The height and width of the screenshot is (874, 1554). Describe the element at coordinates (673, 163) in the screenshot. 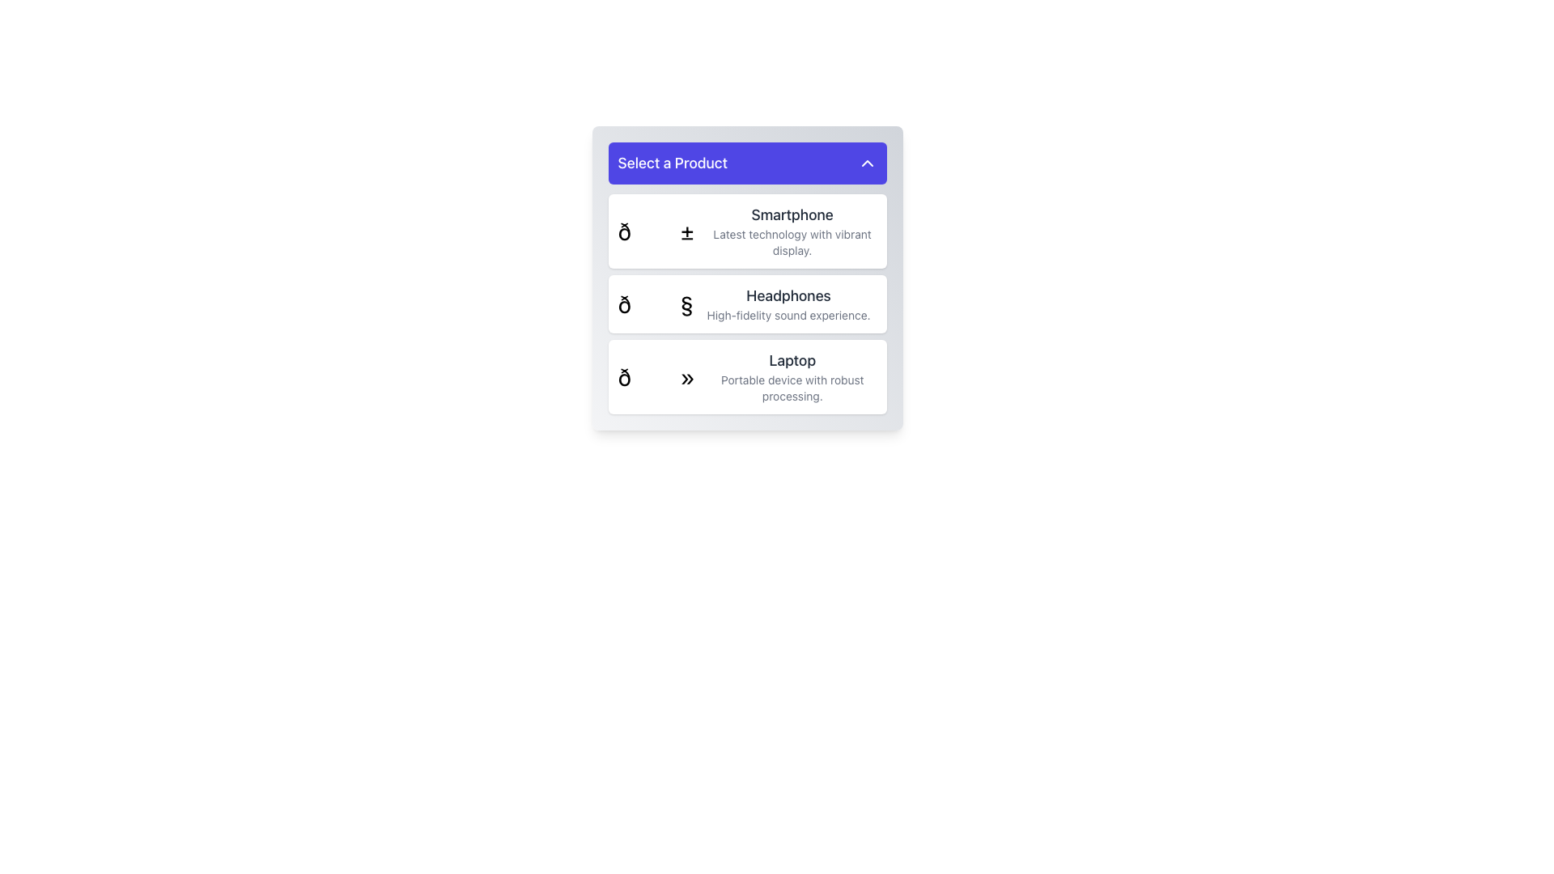

I see `text of the title label for the dropdown menu, which is centrally positioned above the list of products` at that location.